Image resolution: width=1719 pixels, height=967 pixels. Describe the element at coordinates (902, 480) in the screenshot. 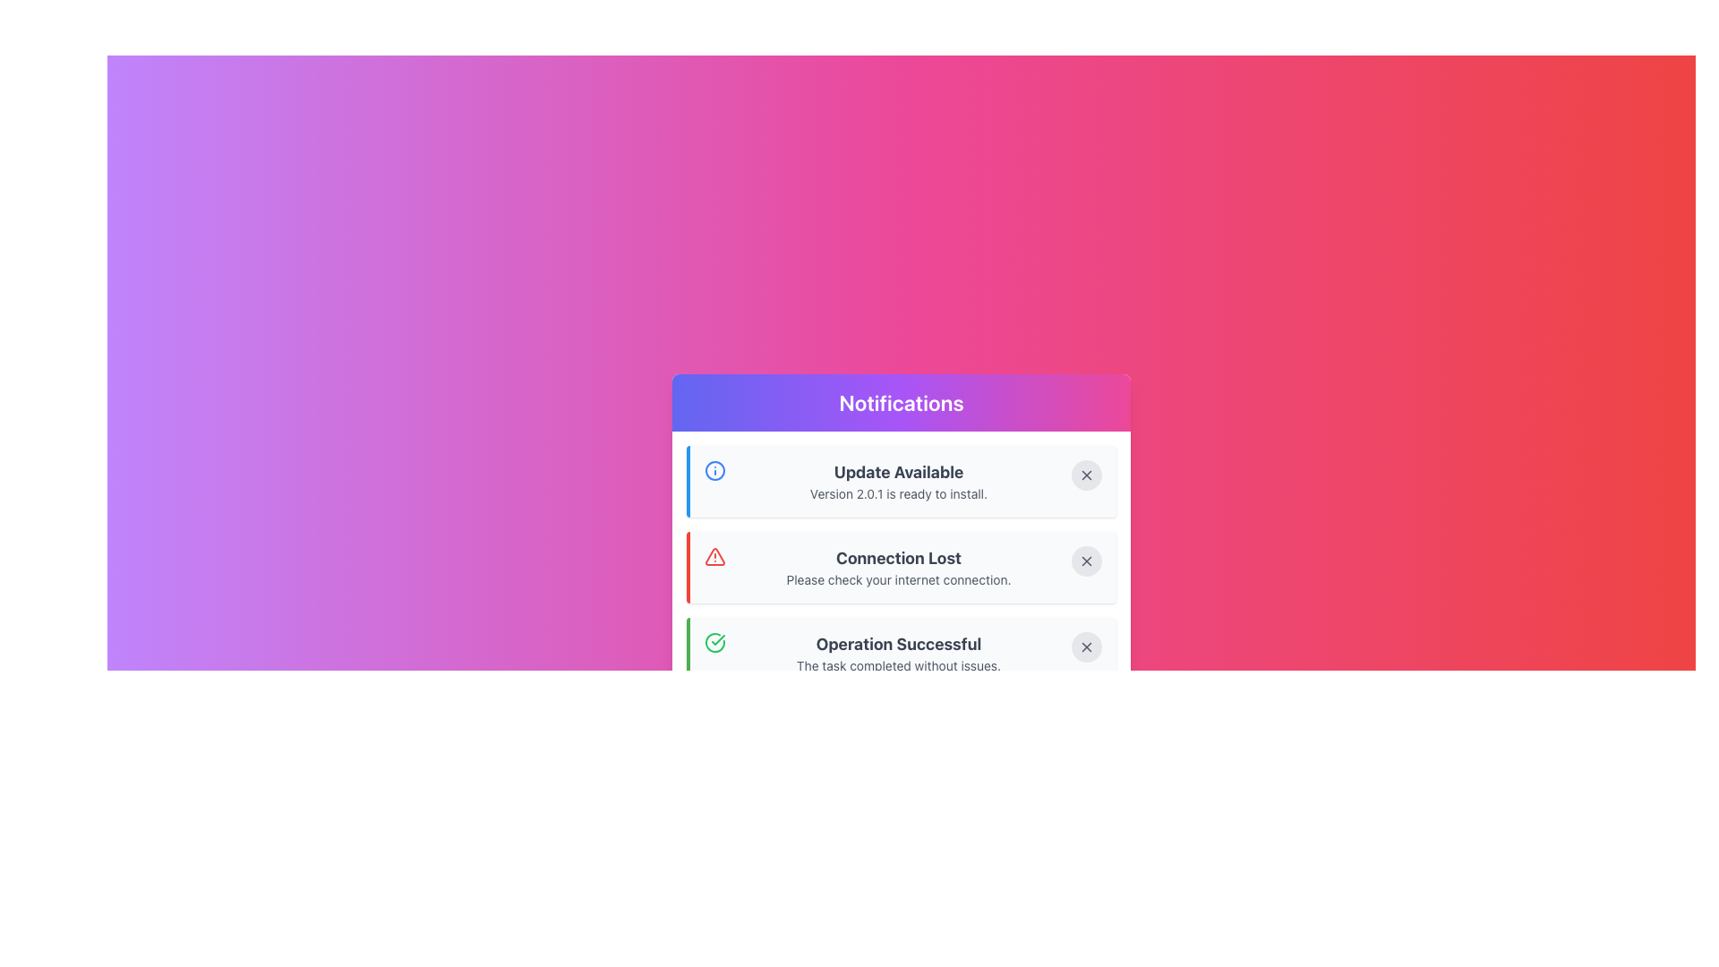

I see `the notification box displaying 'Update Available' with a light gray background and blue border, located centrally on the display` at that location.